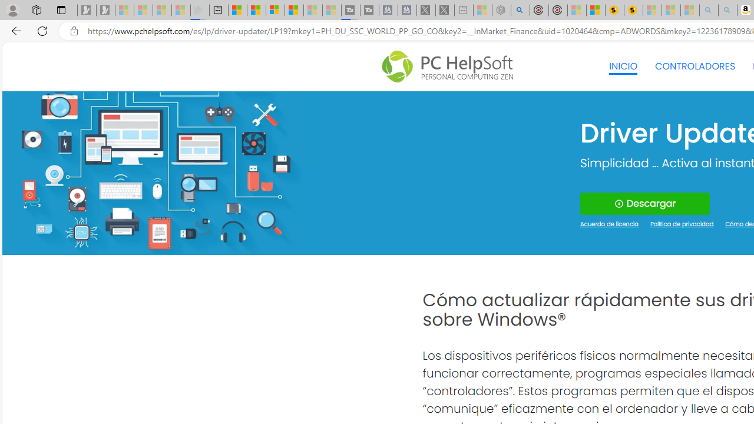  What do you see at coordinates (350, 10) in the screenshot?
I see `'Streaming Coverage | T3 - Sleeping'` at bounding box center [350, 10].